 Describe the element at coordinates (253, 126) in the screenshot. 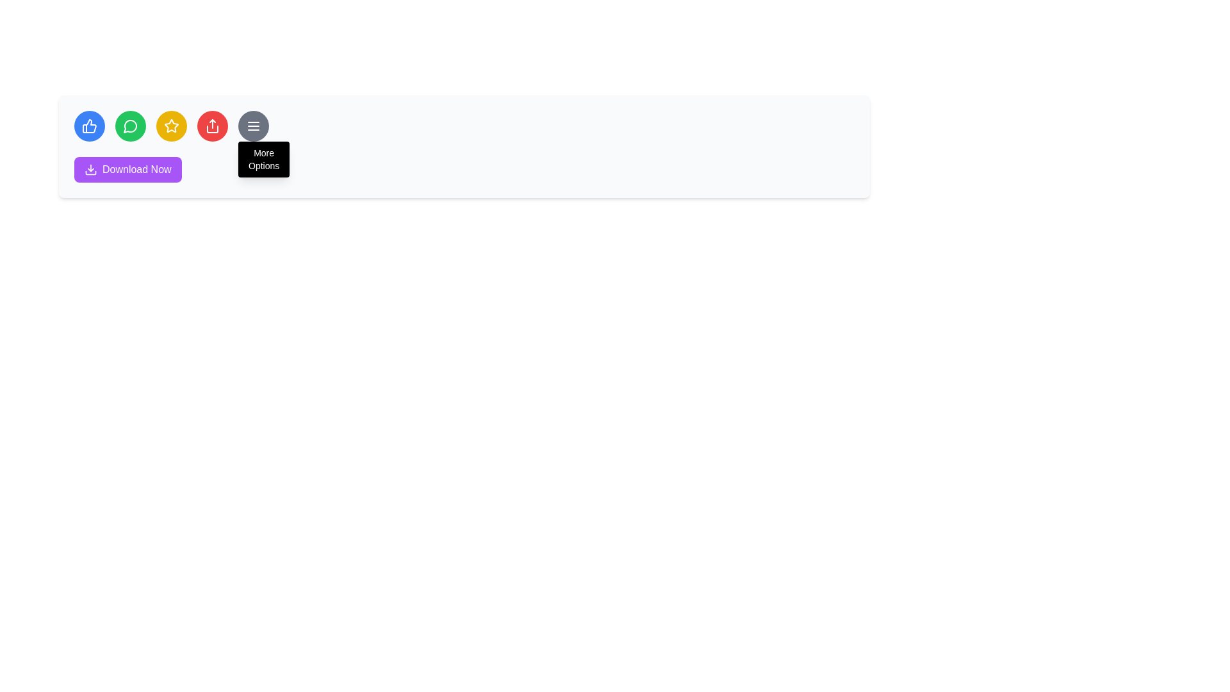

I see `the menu icon button, which is a circular gray button with three parallel lines` at that location.